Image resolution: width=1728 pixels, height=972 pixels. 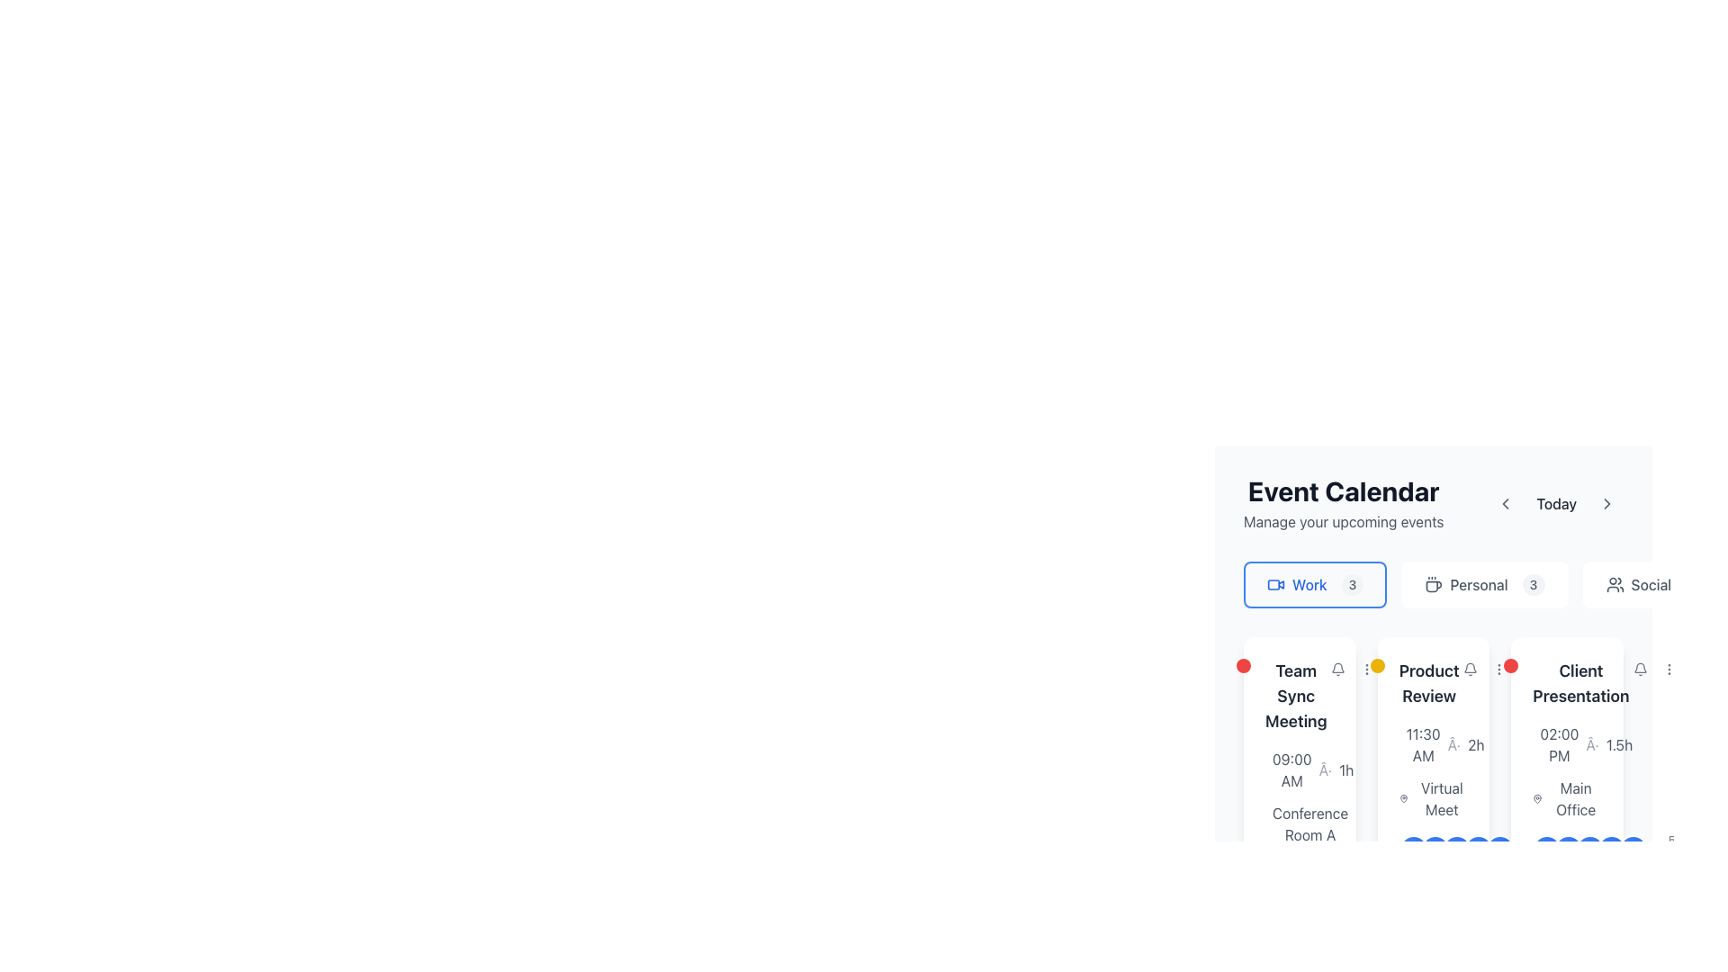 What do you see at coordinates (1615, 585) in the screenshot?
I see `the icon of two user silhouettes located to the right of the 'Social 3' button, adjacent to the 'Social' text and a badge displaying the number '3'` at bounding box center [1615, 585].